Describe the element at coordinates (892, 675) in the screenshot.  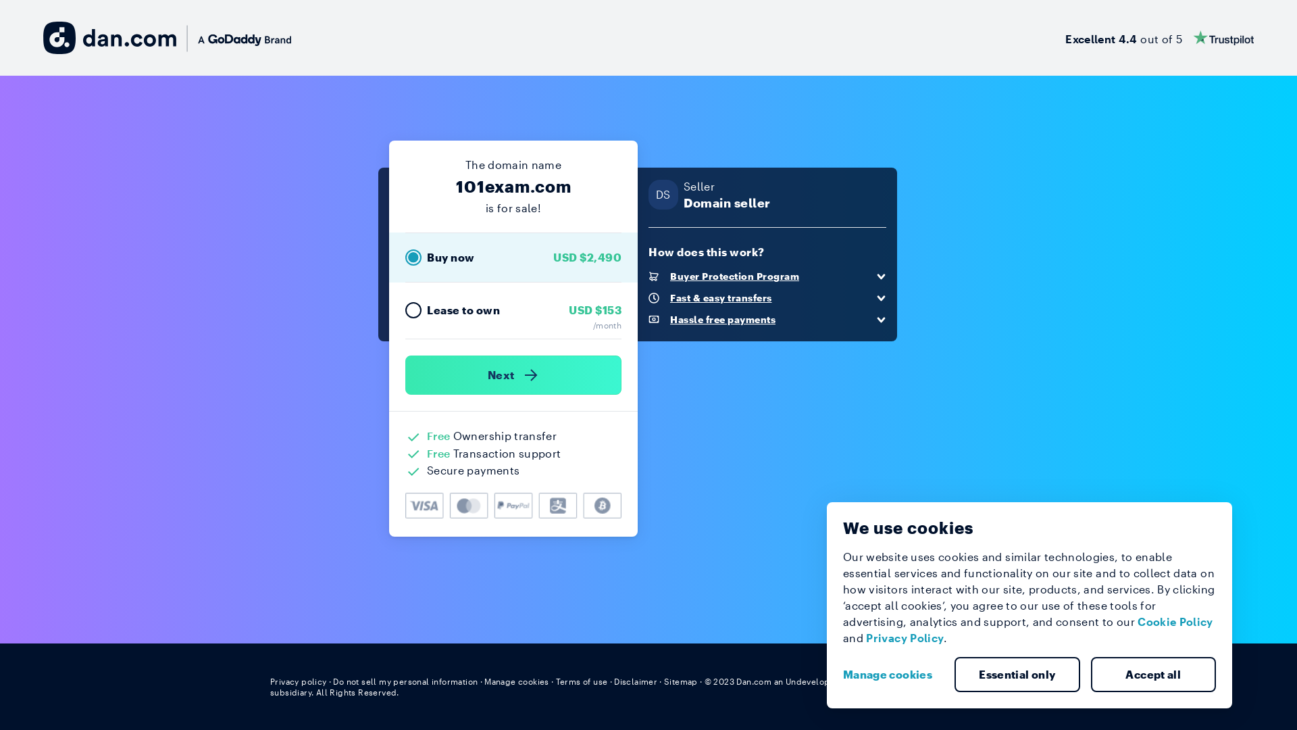
I see `'Manage cookies'` at that location.